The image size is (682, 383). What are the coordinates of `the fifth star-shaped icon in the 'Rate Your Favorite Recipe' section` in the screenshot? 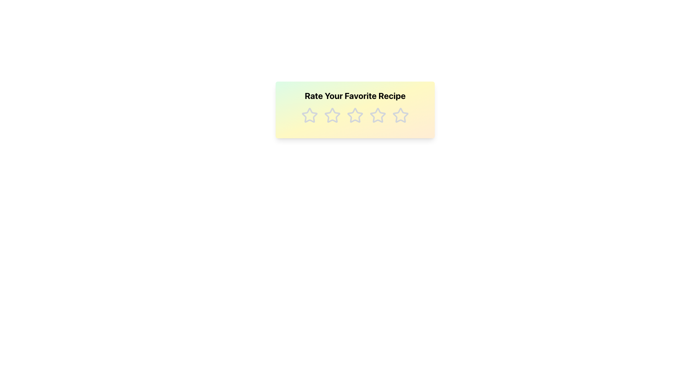 It's located at (401, 115).